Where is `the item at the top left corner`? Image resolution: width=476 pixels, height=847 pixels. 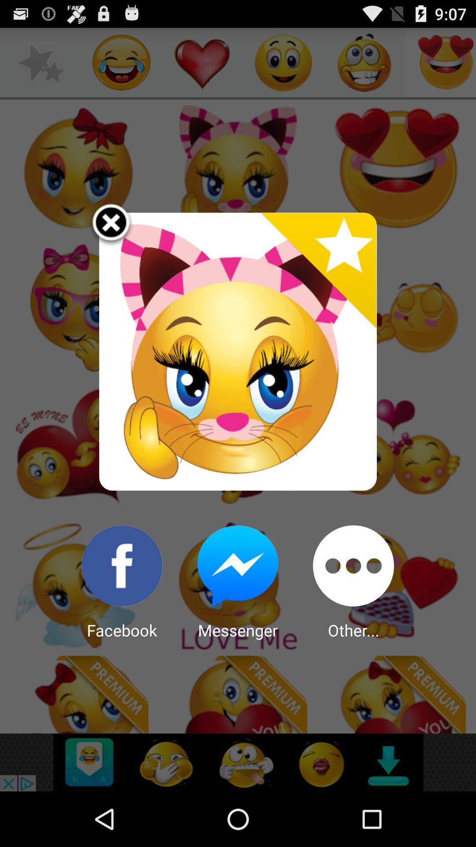
the item at the top left corner is located at coordinates (116, 230).